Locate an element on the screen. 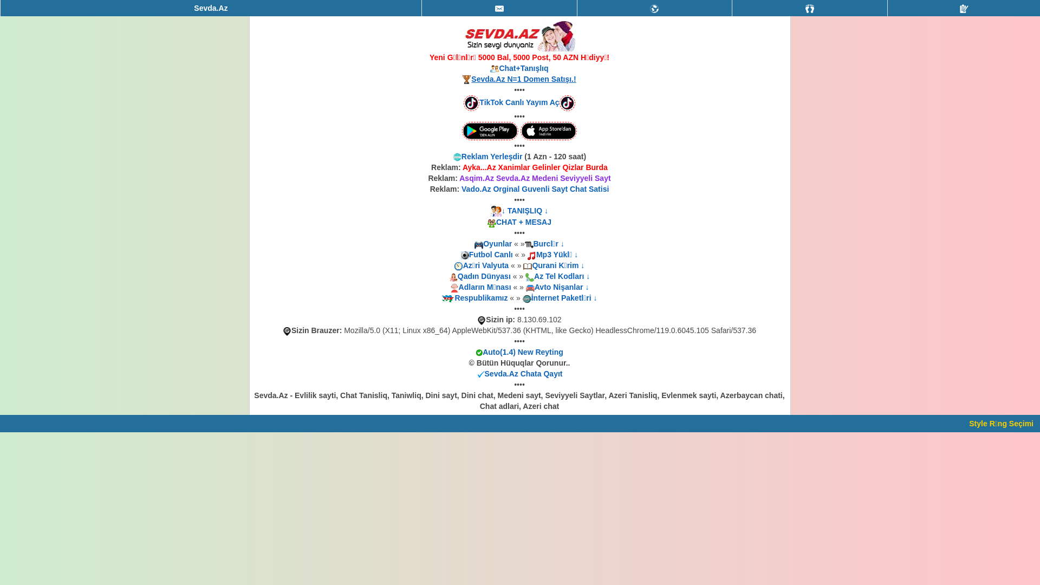  'Vado.Az Orginal Guvenli Sayt Chat Satisi' is located at coordinates (461, 188).